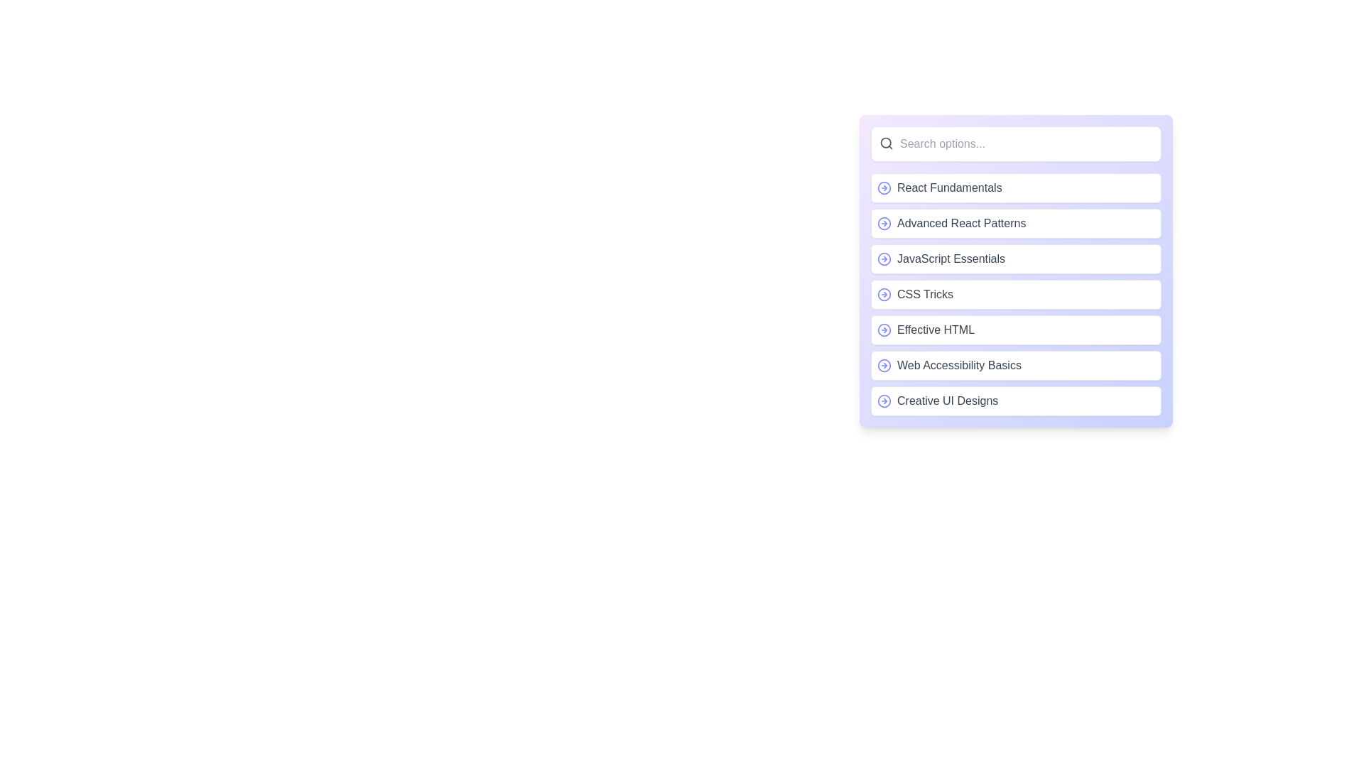 This screenshot has height=767, width=1364. What do you see at coordinates (883, 294) in the screenshot?
I see `the central circular icon within the SVG located to the left of the 'CSS Tricks' list item in the selectable list on the right panel` at bounding box center [883, 294].